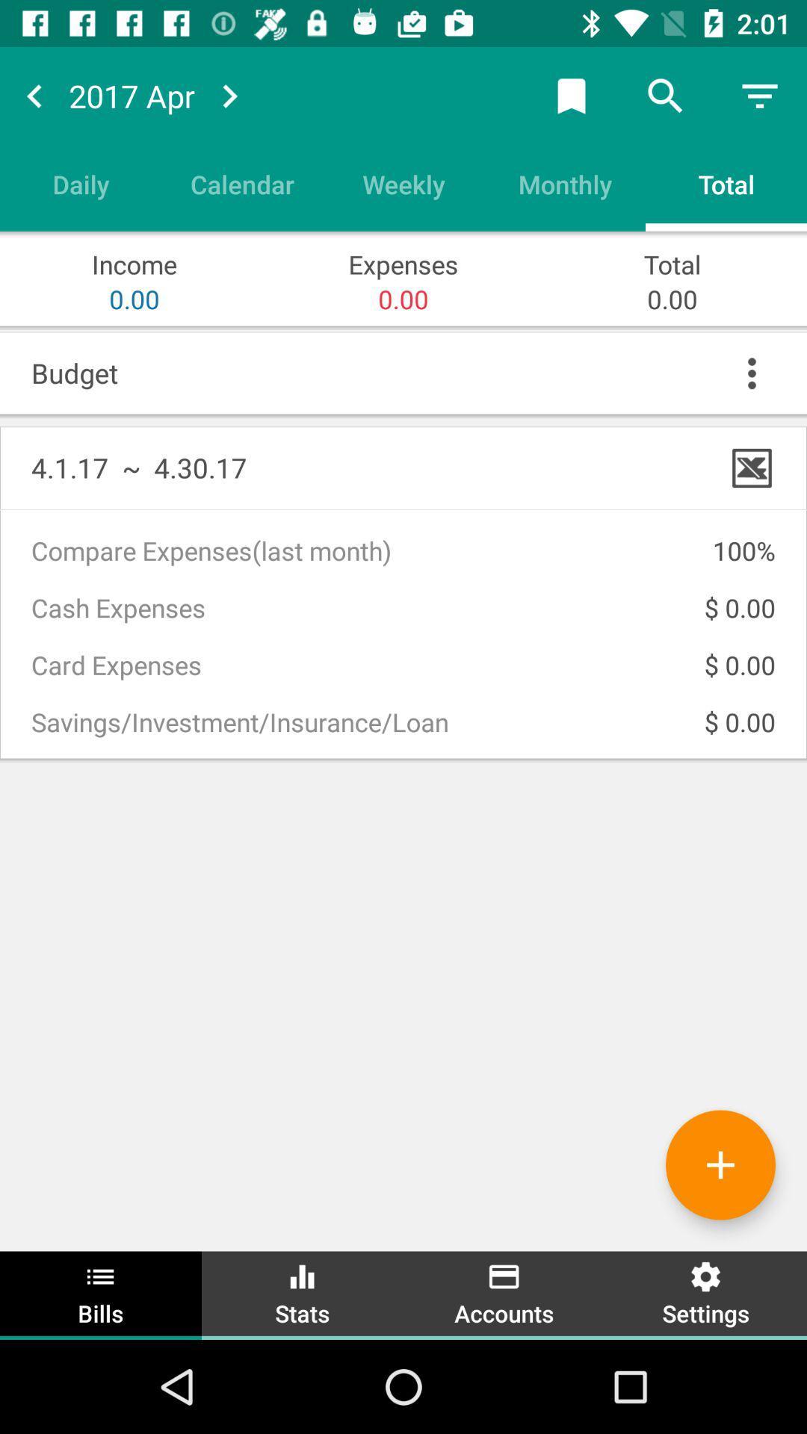 The width and height of the screenshot is (807, 1434). I want to click on the bookmark icon, so click(571, 95).